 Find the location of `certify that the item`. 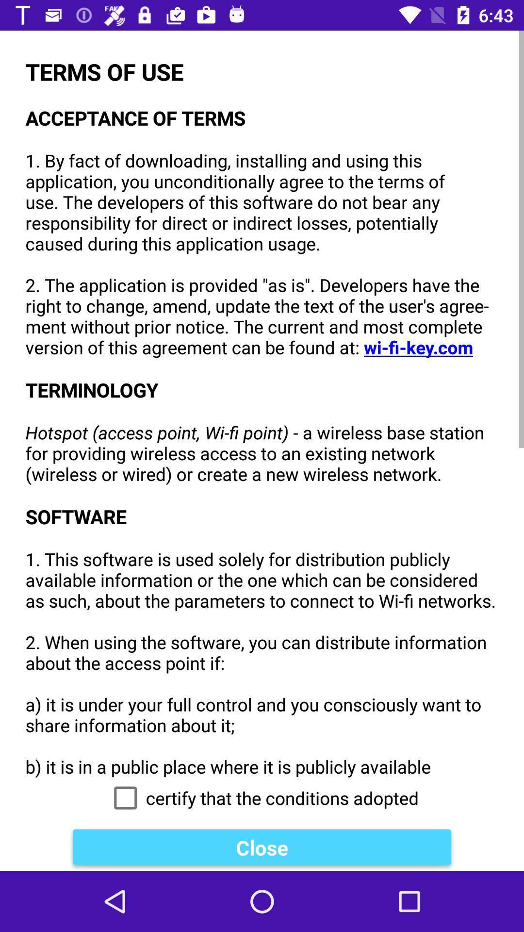

certify that the item is located at coordinates (262, 798).